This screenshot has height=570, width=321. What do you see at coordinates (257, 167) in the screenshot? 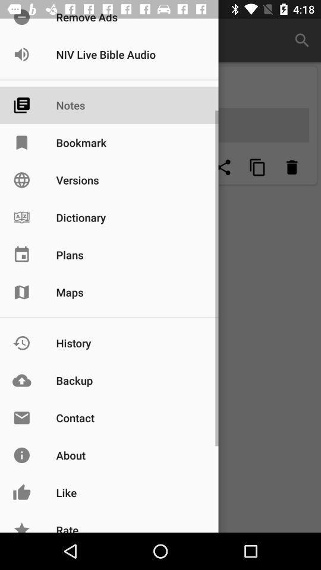
I see `menu button` at bounding box center [257, 167].